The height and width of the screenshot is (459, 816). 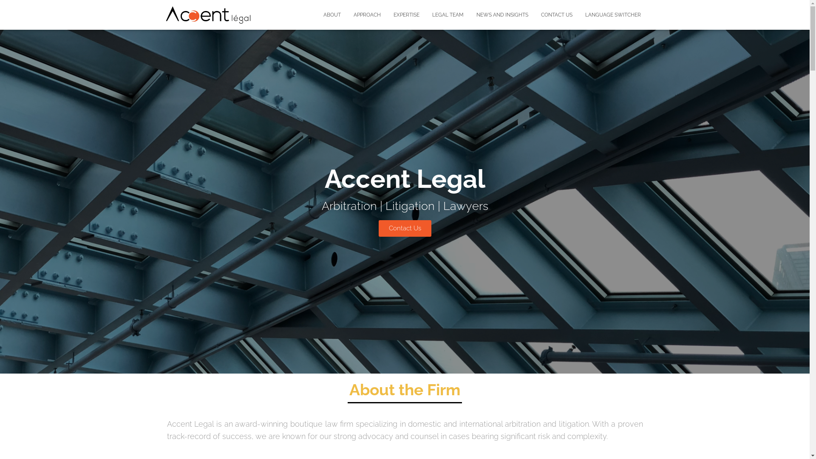 I want to click on 'ABOUT', so click(x=331, y=14).